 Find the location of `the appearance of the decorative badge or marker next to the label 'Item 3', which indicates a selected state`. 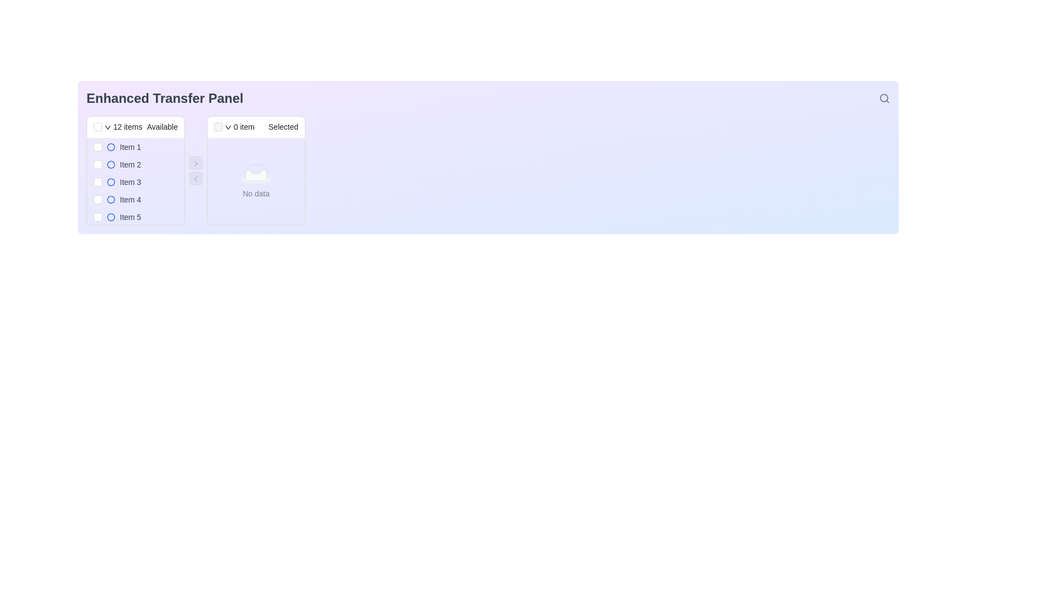

the appearance of the decorative badge or marker next to the label 'Item 3', which indicates a selected state is located at coordinates (111, 181).